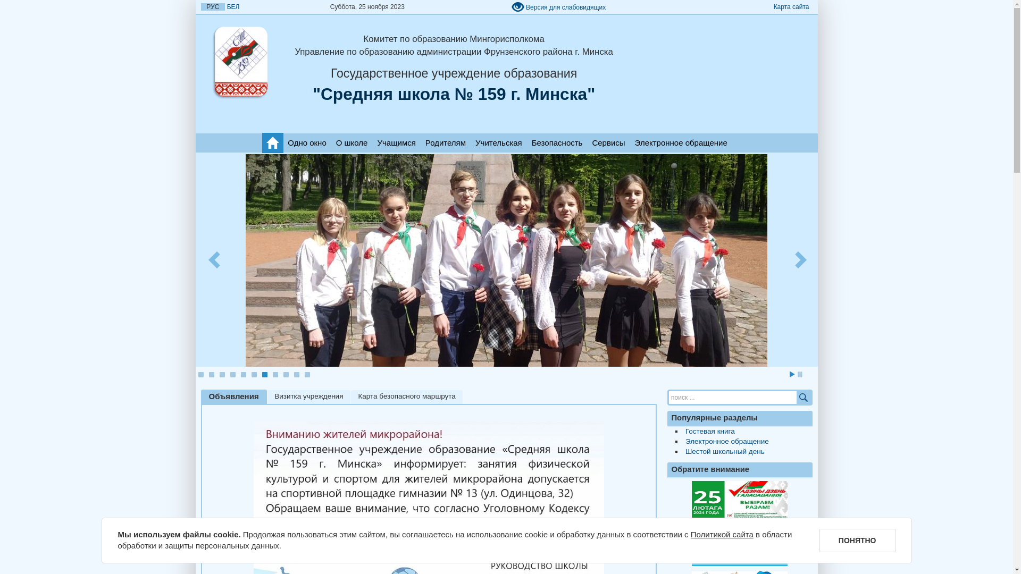  I want to click on '2', so click(211, 374).